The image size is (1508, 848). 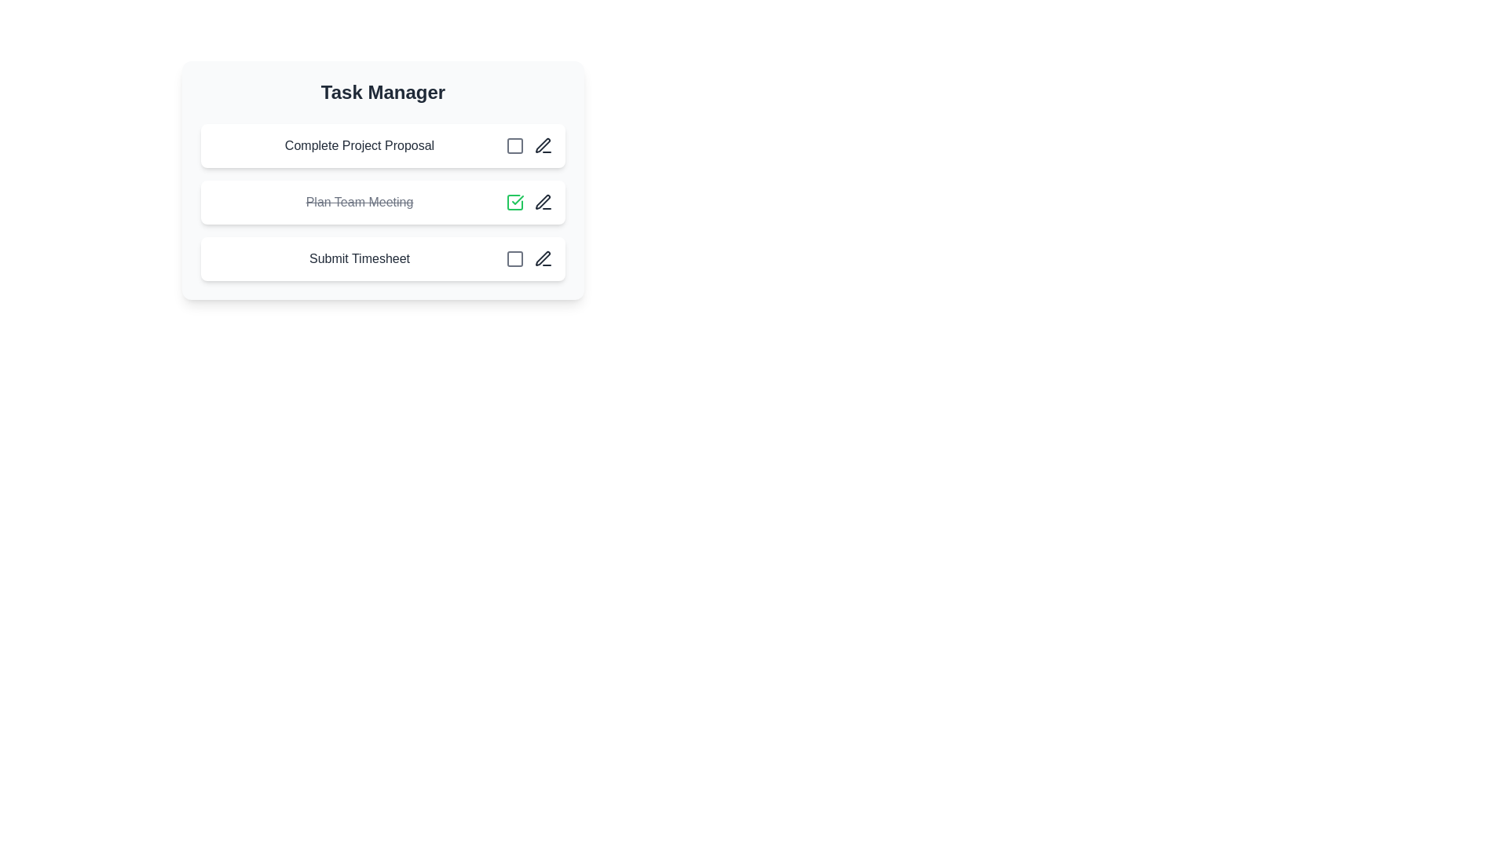 I want to click on the task completion indicator icon located in the second row of the task list, positioned to the left of the edit pencil icon and above the checkbox, so click(x=518, y=199).